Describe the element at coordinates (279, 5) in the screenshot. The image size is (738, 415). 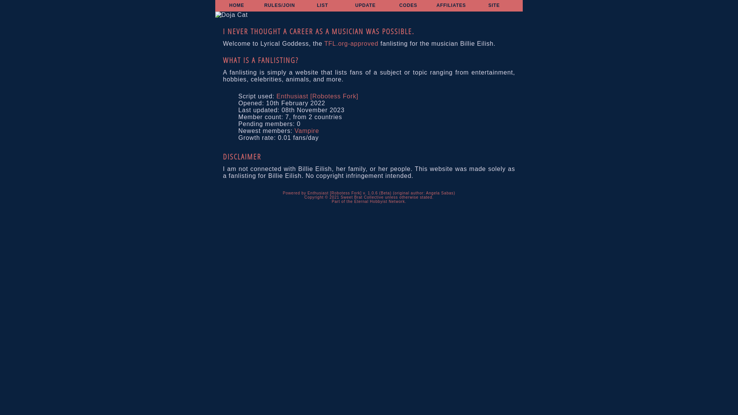
I see `'RULES/JOIN'` at that location.